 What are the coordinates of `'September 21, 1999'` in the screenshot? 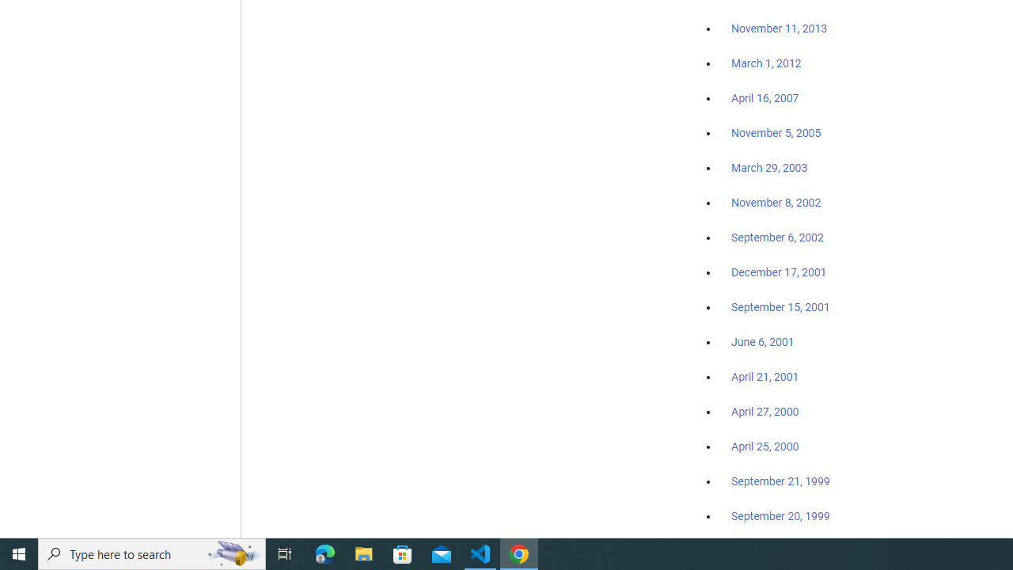 It's located at (780, 481).